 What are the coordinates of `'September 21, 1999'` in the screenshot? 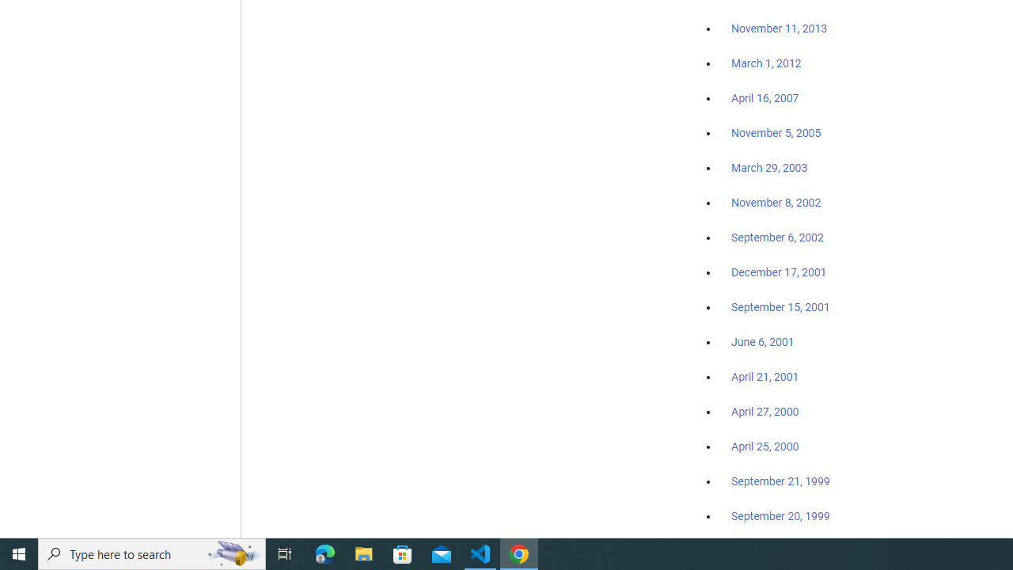 It's located at (780, 481).